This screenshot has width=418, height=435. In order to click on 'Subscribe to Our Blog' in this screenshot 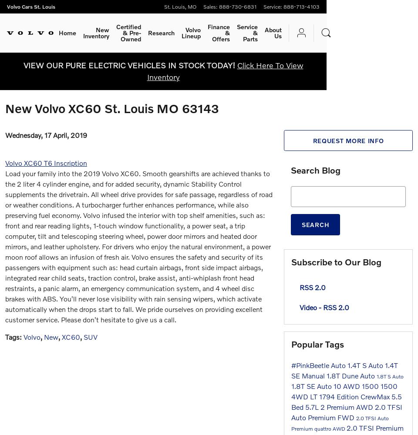, I will do `click(336, 261)`.